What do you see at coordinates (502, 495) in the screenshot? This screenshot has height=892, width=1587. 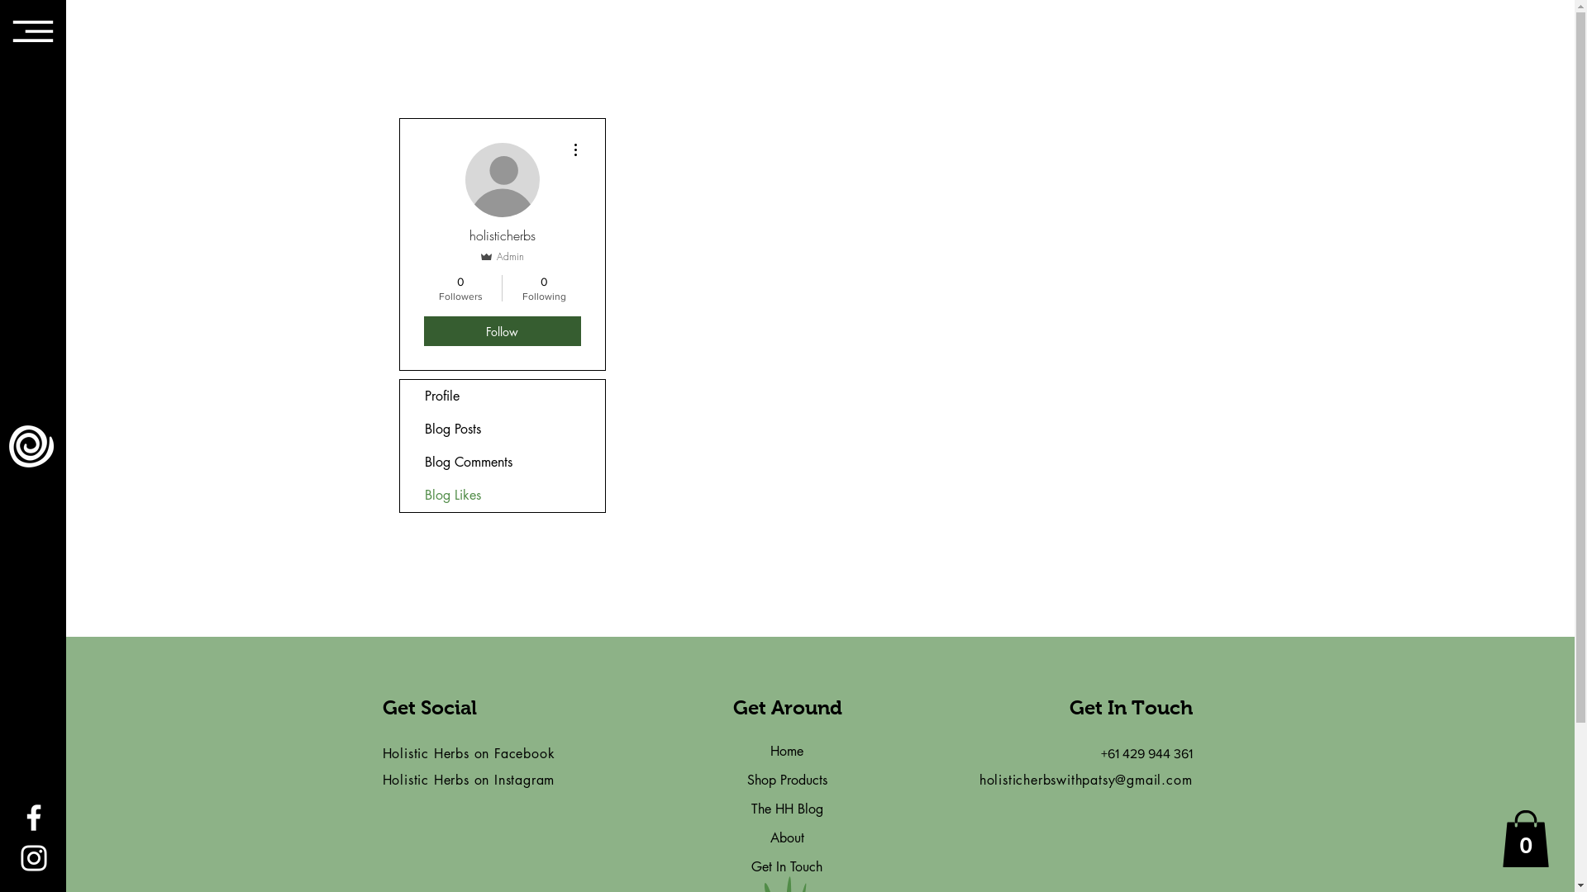 I see `'Blog Likes'` at bounding box center [502, 495].